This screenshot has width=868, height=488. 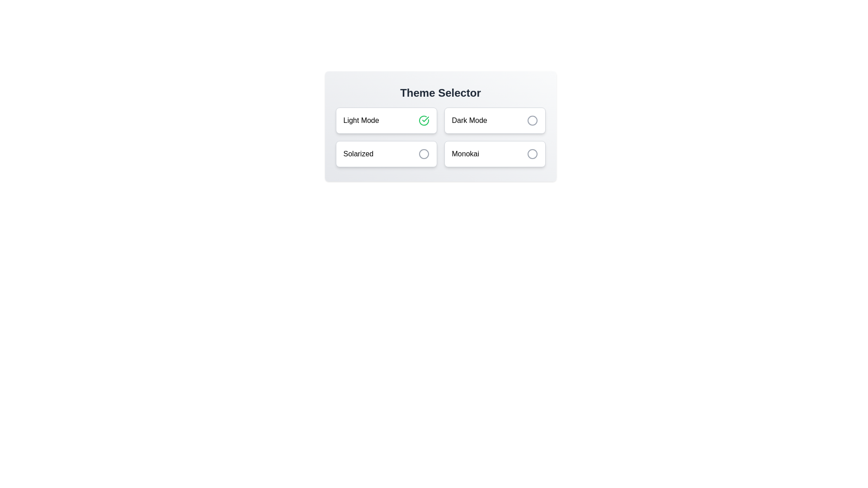 I want to click on the button corresponding to the theme Solarized, so click(x=386, y=153).